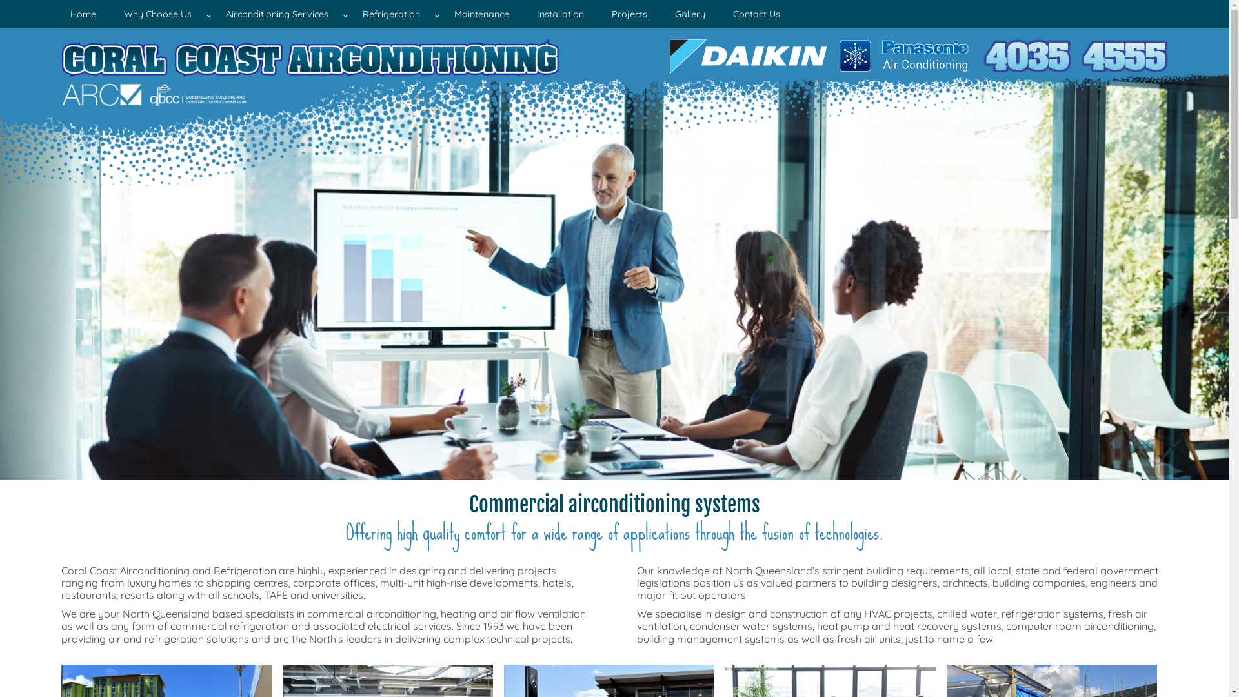 The width and height of the screenshot is (1239, 697). What do you see at coordinates (52, 14) in the screenshot?
I see `'Home'` at bounding box center [52, 14].